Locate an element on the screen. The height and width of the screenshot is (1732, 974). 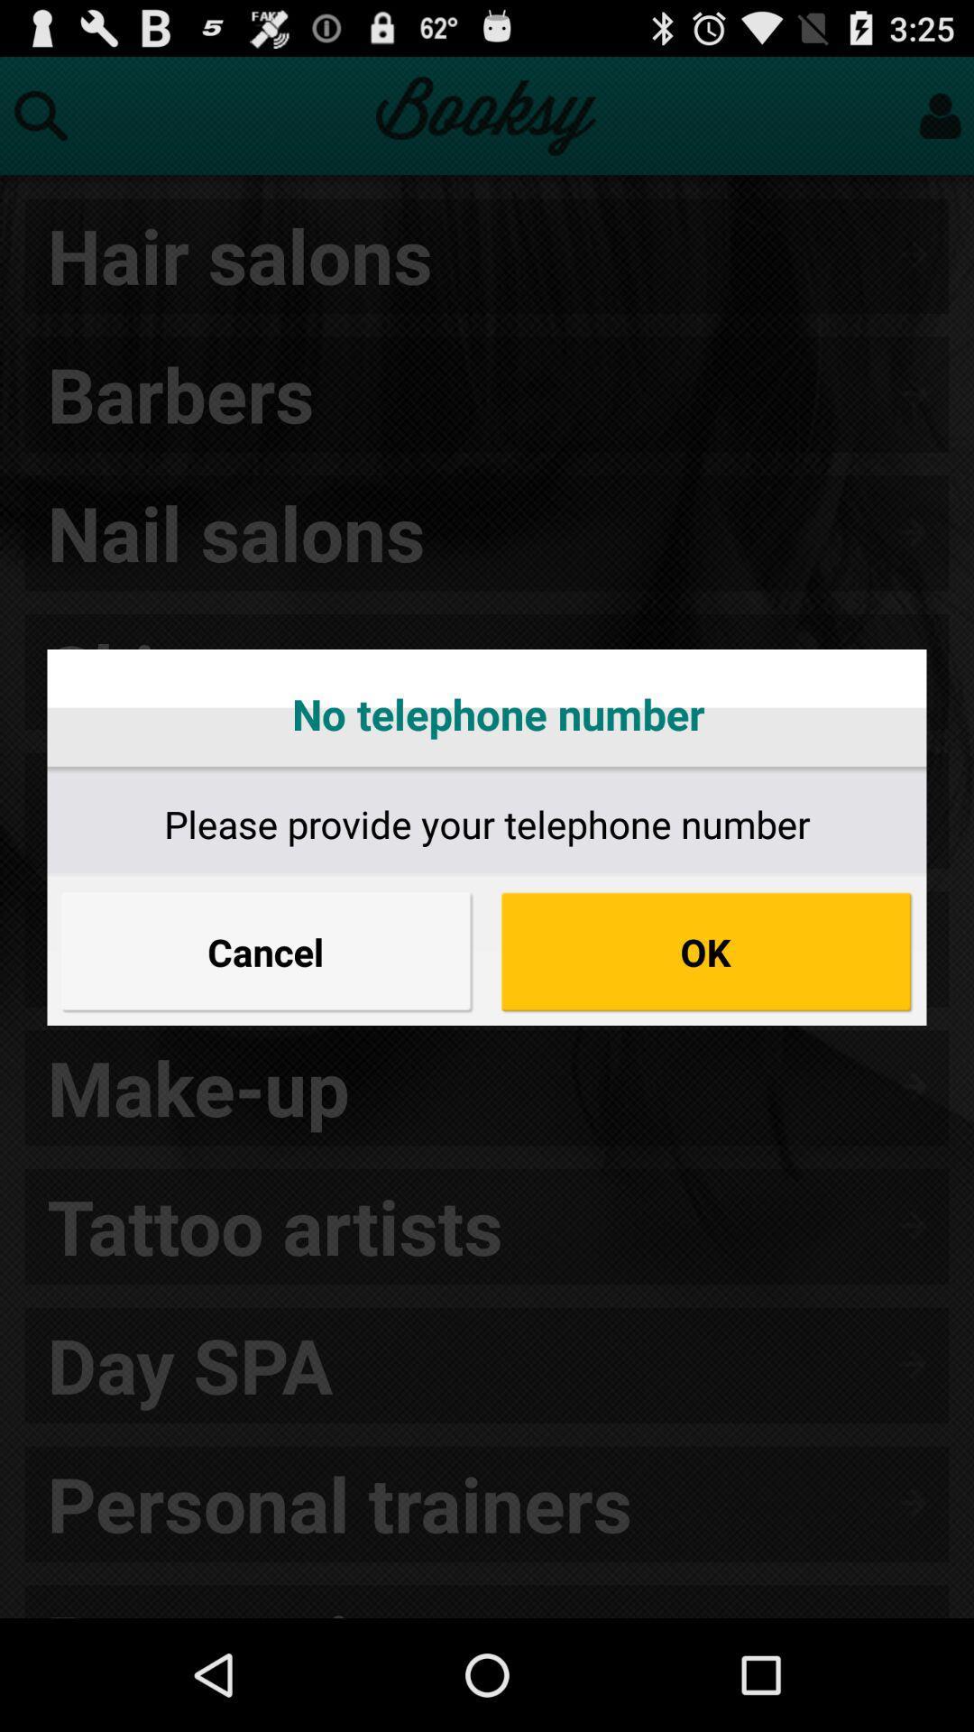
item below the please provide your is located at coordinates (267, 951).